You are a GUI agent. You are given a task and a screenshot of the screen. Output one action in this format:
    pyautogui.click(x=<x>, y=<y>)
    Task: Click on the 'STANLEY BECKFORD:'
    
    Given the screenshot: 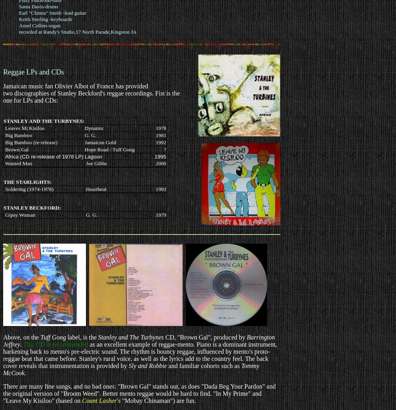 What is the action you would take?
    pyautogui.click(x=32, y=207)
    